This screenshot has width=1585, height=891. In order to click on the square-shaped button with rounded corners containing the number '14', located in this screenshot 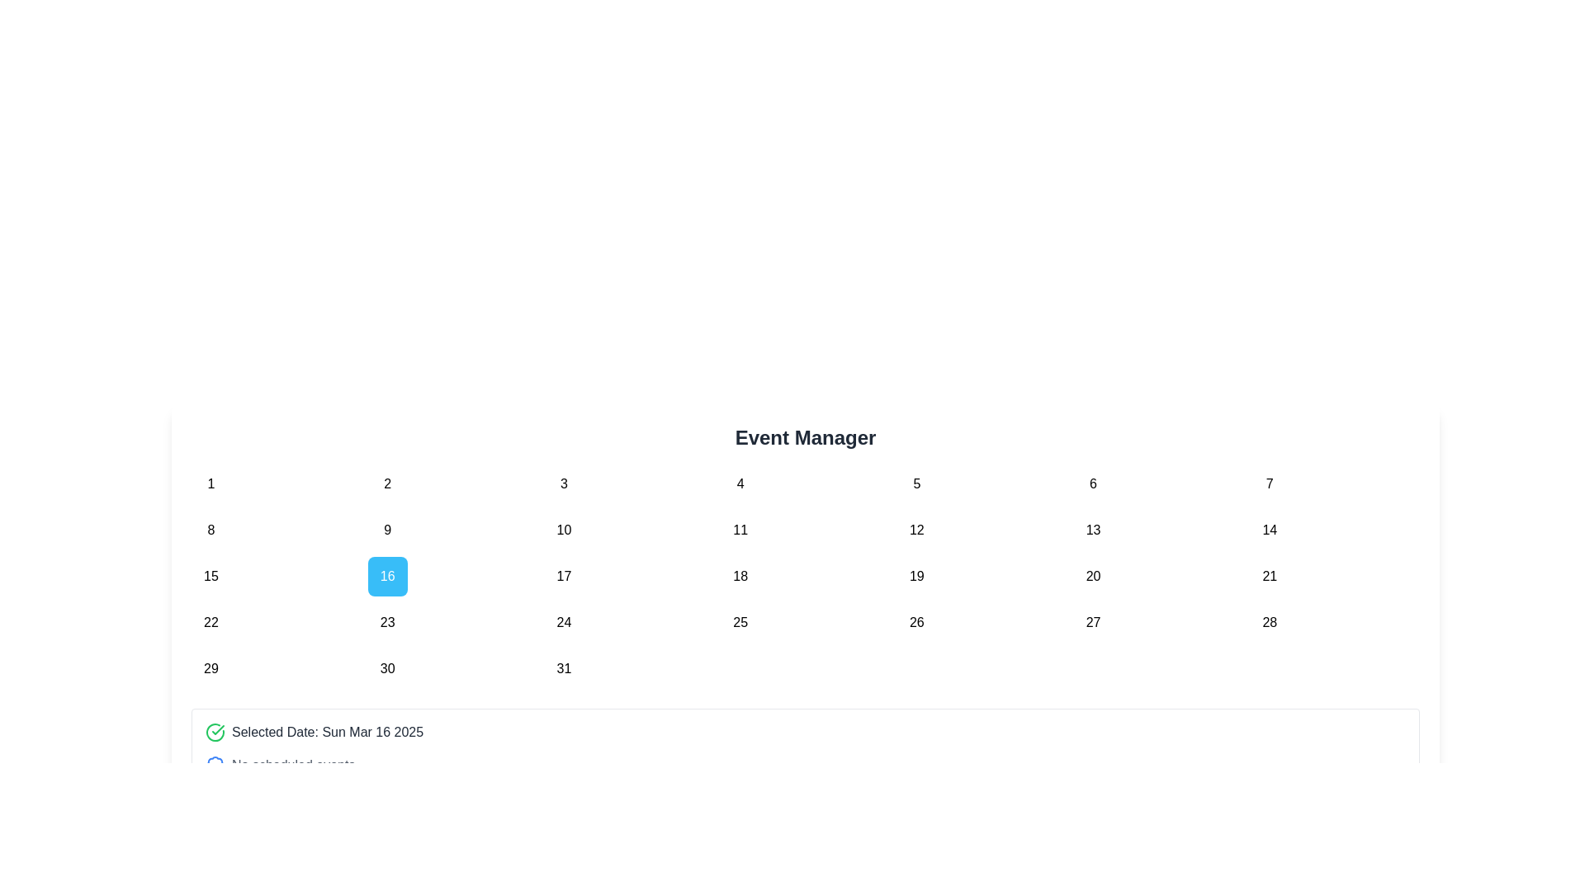, I will do `click(1269, 530)`.